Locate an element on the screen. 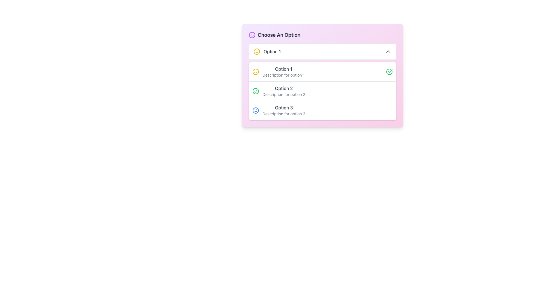  the text label styled as 'Description for option 3', which is located beneath the title 'Option 3' in a dropdown interface is located at coordinates (284, 114).